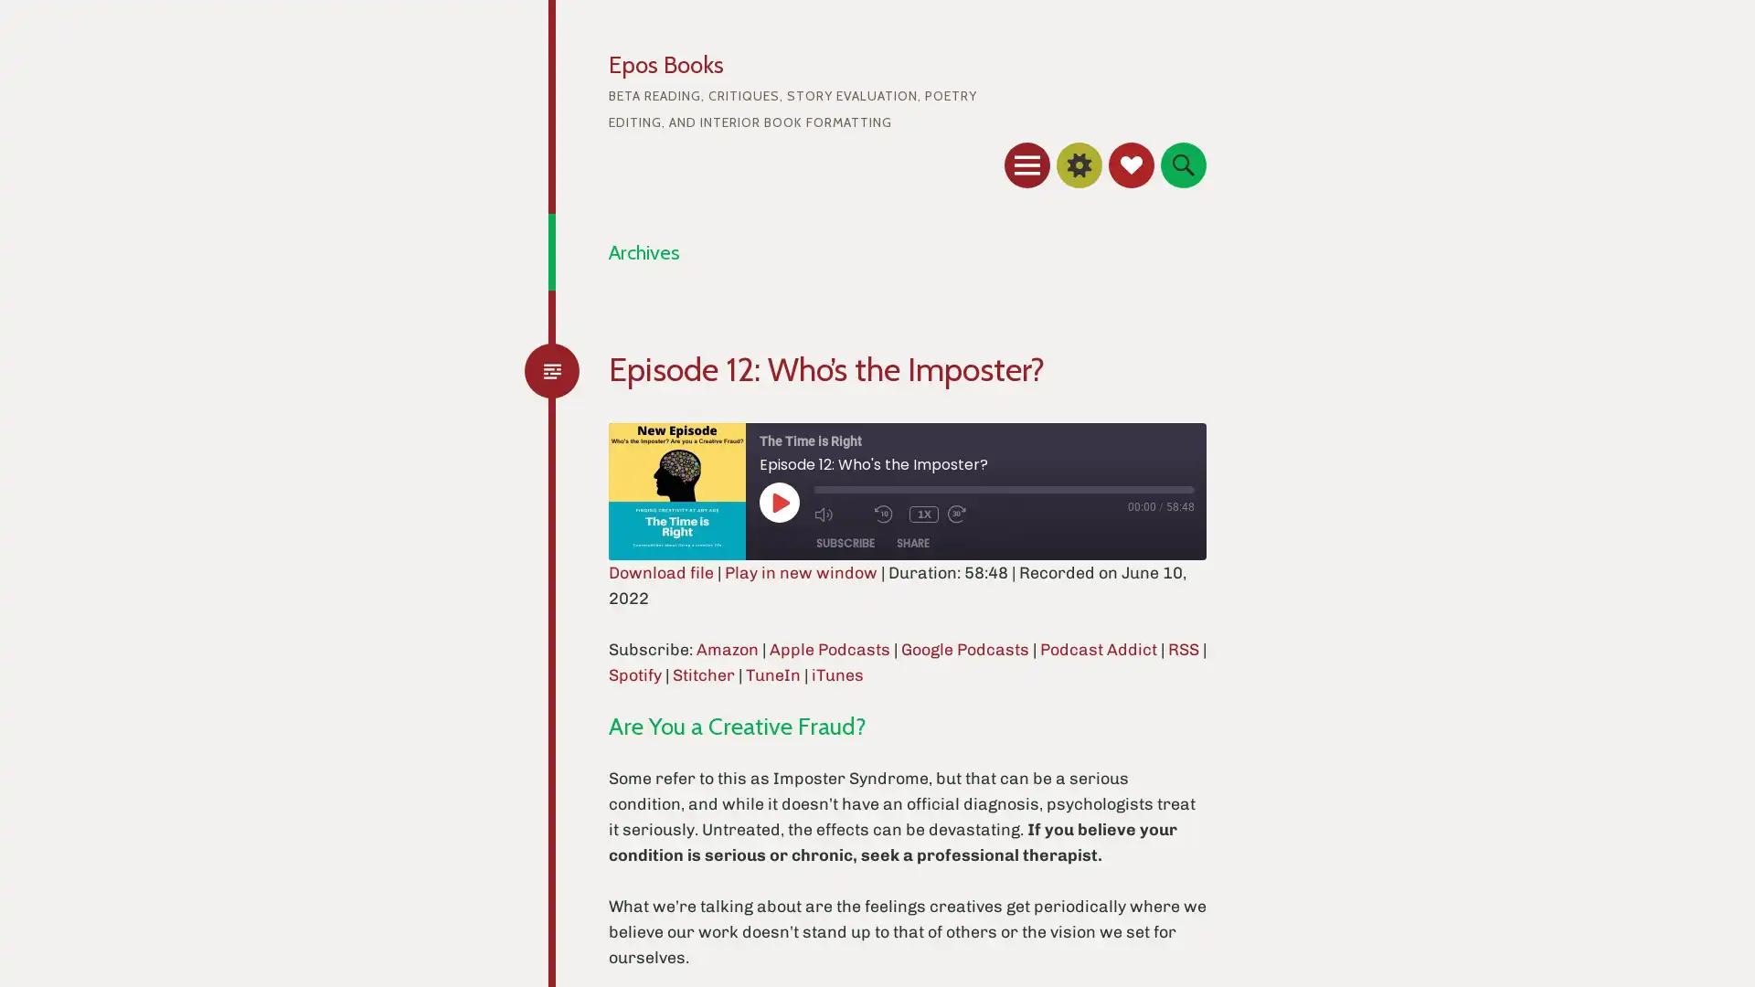  What do you see at coordinates (845, 542) in the screenshot?
I see `SUBSCRIBE` at bounding box center [845, 542].